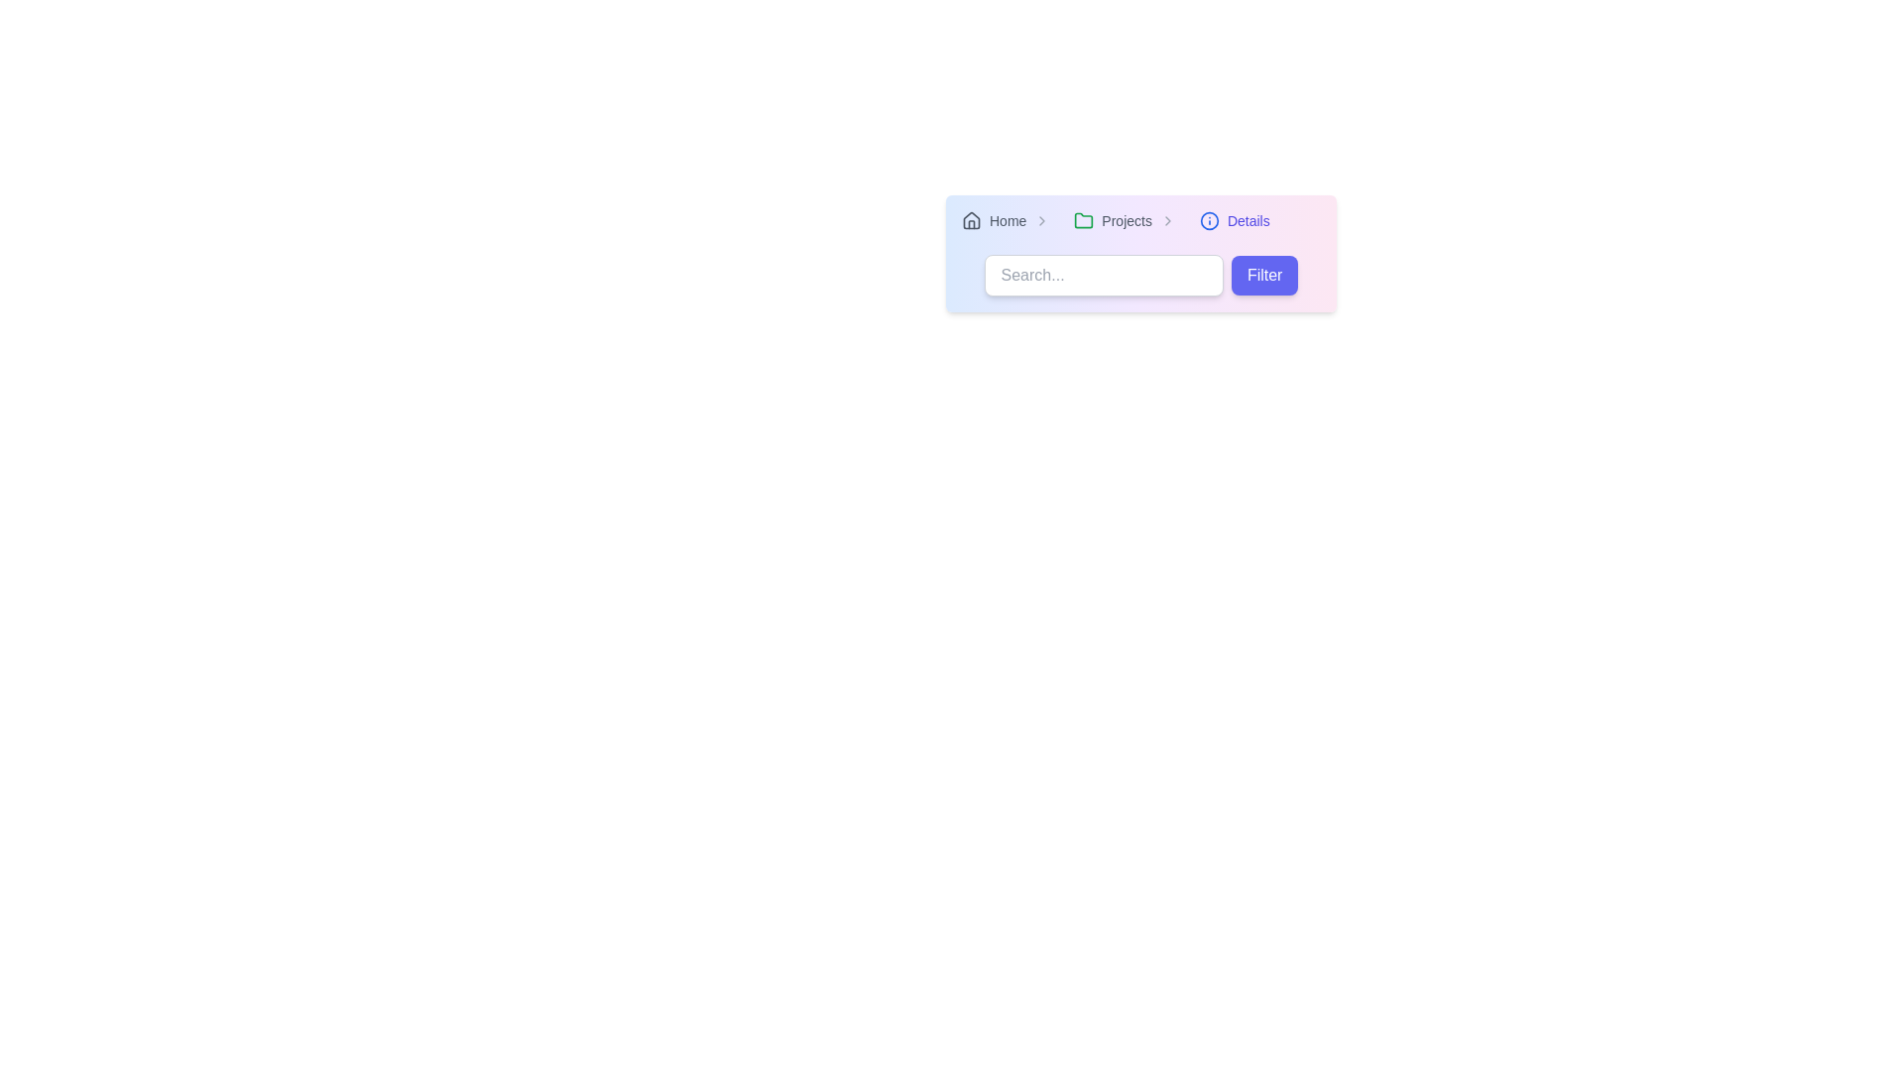 This screenshot has height=1071, width=1904. What do you see at coordinates (994, 221) in the screenshot?
I see `the navigation link with an associated icon located at the beginning of the breadcrumb component` at bounding box center [994, 221].